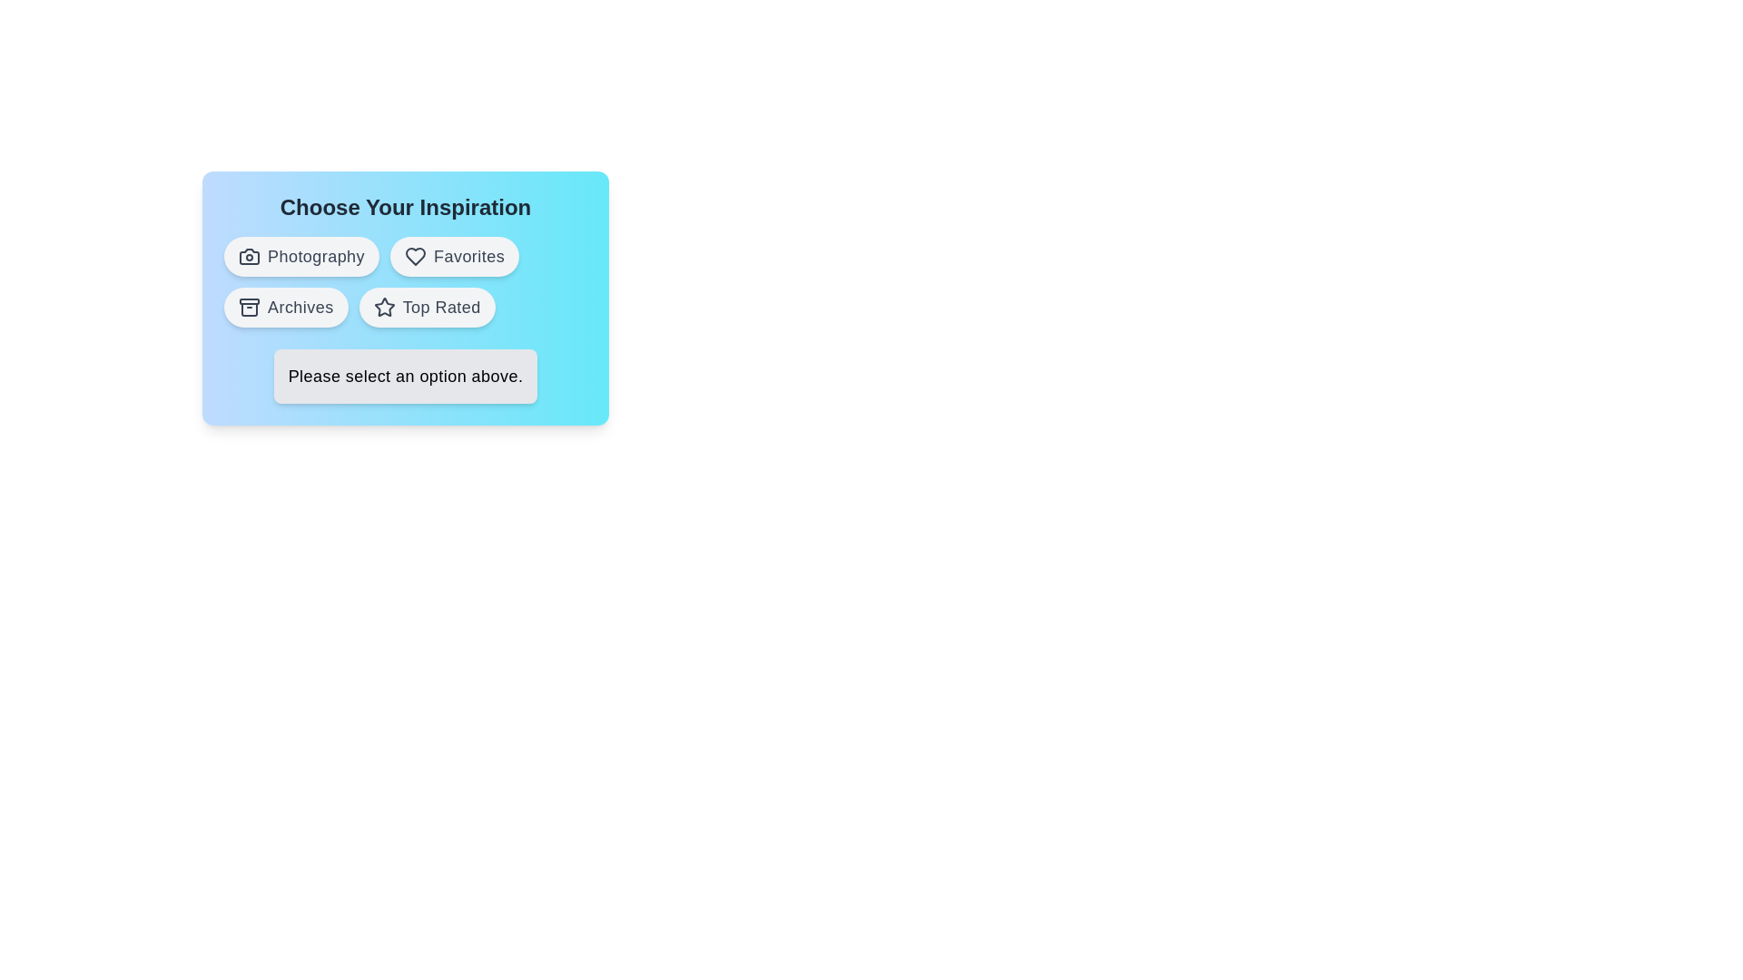 Image resolution: width=1743 pixels, height=980 pixels. What do you see at coordinates (248, 256) in the screenshot?
I see `the camera icon in the 'Photography' option` at bounding box center [248, 256].